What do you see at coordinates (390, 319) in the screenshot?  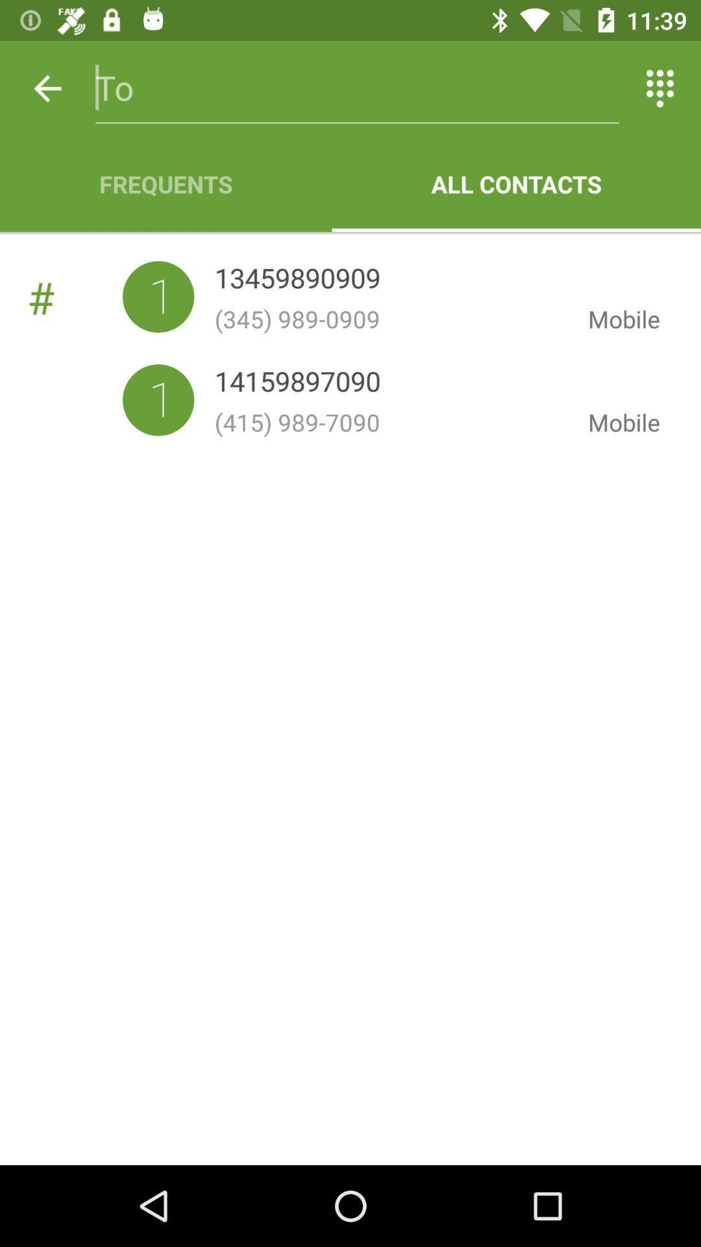 I see `the (345) 989-0909 icon` at bounding box center [390, 319].